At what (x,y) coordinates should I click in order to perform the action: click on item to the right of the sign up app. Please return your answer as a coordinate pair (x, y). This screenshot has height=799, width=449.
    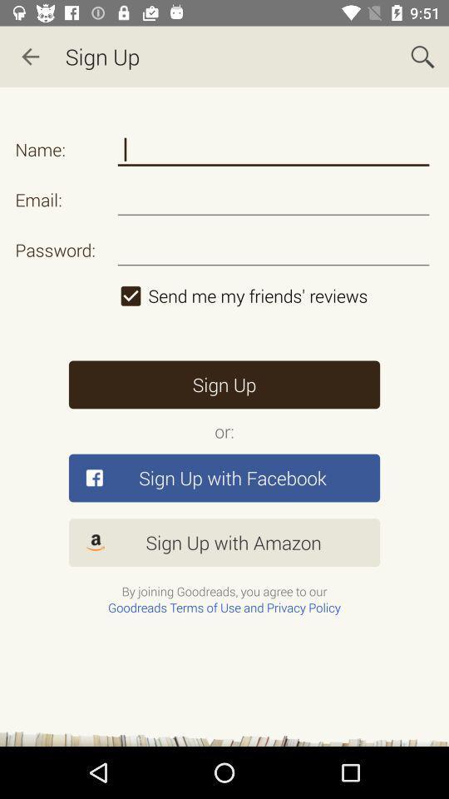
    Looking at the image, I should click on (422, 57).